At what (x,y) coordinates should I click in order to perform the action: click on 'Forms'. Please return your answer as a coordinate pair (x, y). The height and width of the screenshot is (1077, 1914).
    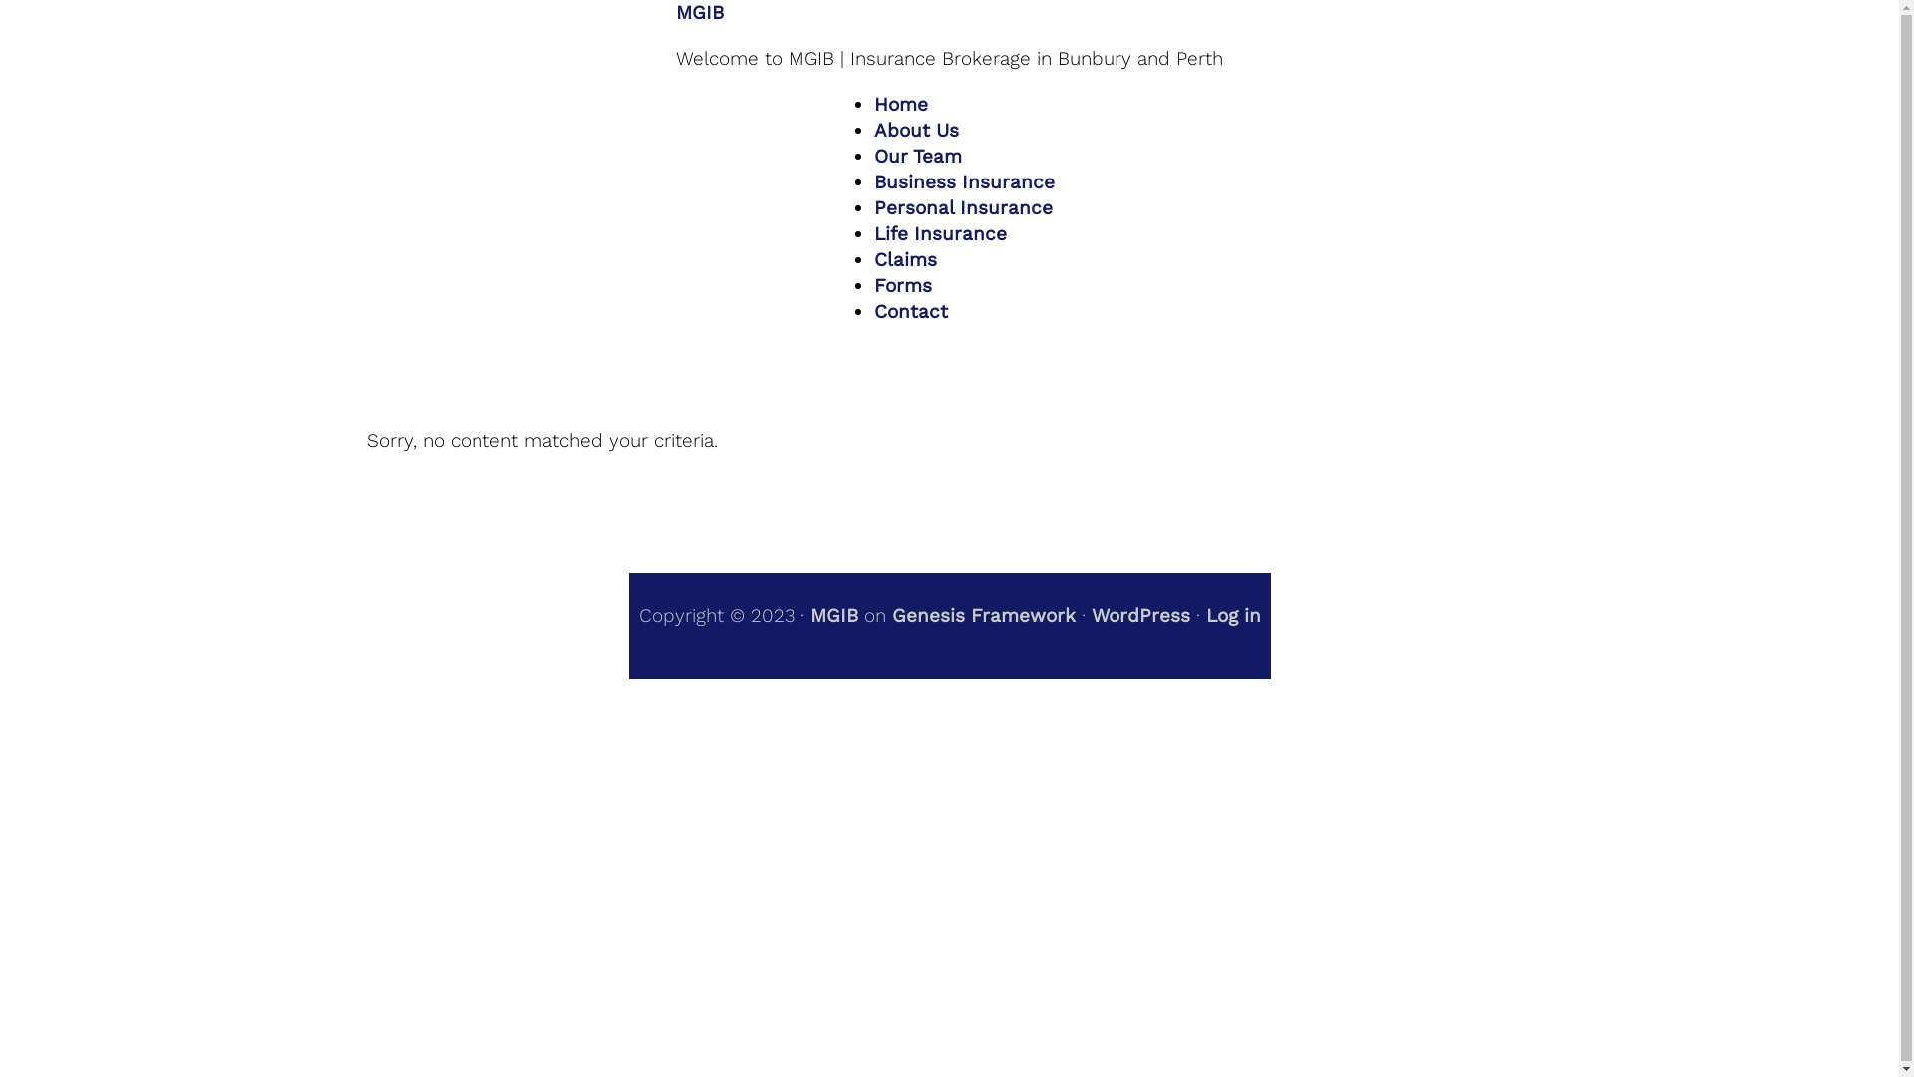
    Looking at the image, I should click on (902, 285).